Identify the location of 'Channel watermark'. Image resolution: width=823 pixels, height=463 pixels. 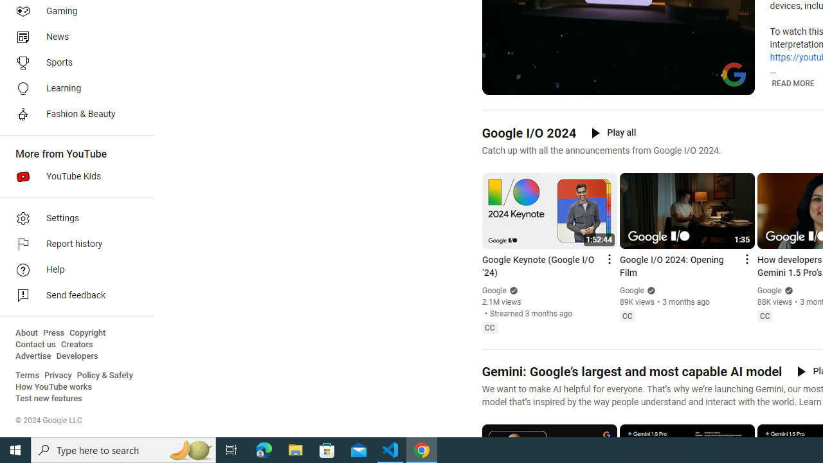
(734, 74).